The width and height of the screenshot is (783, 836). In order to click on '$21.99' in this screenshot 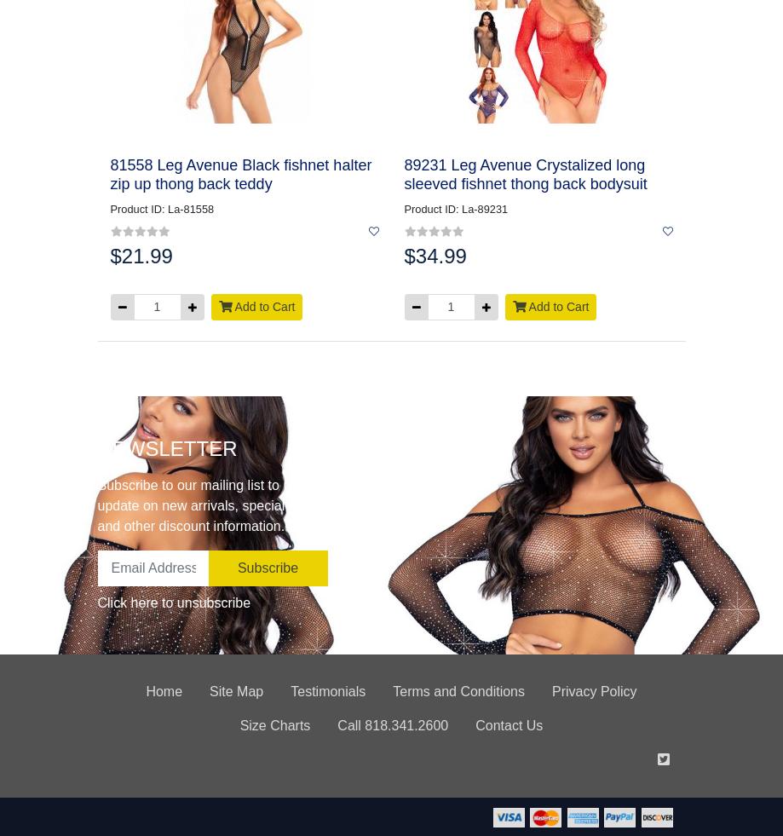, I will do `click(140, 254)`.